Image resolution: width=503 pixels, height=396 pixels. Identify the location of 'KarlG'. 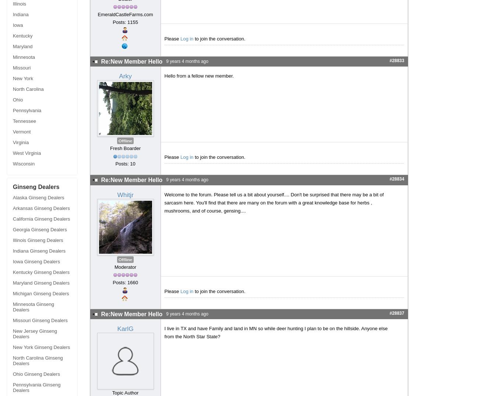
(125, 329).